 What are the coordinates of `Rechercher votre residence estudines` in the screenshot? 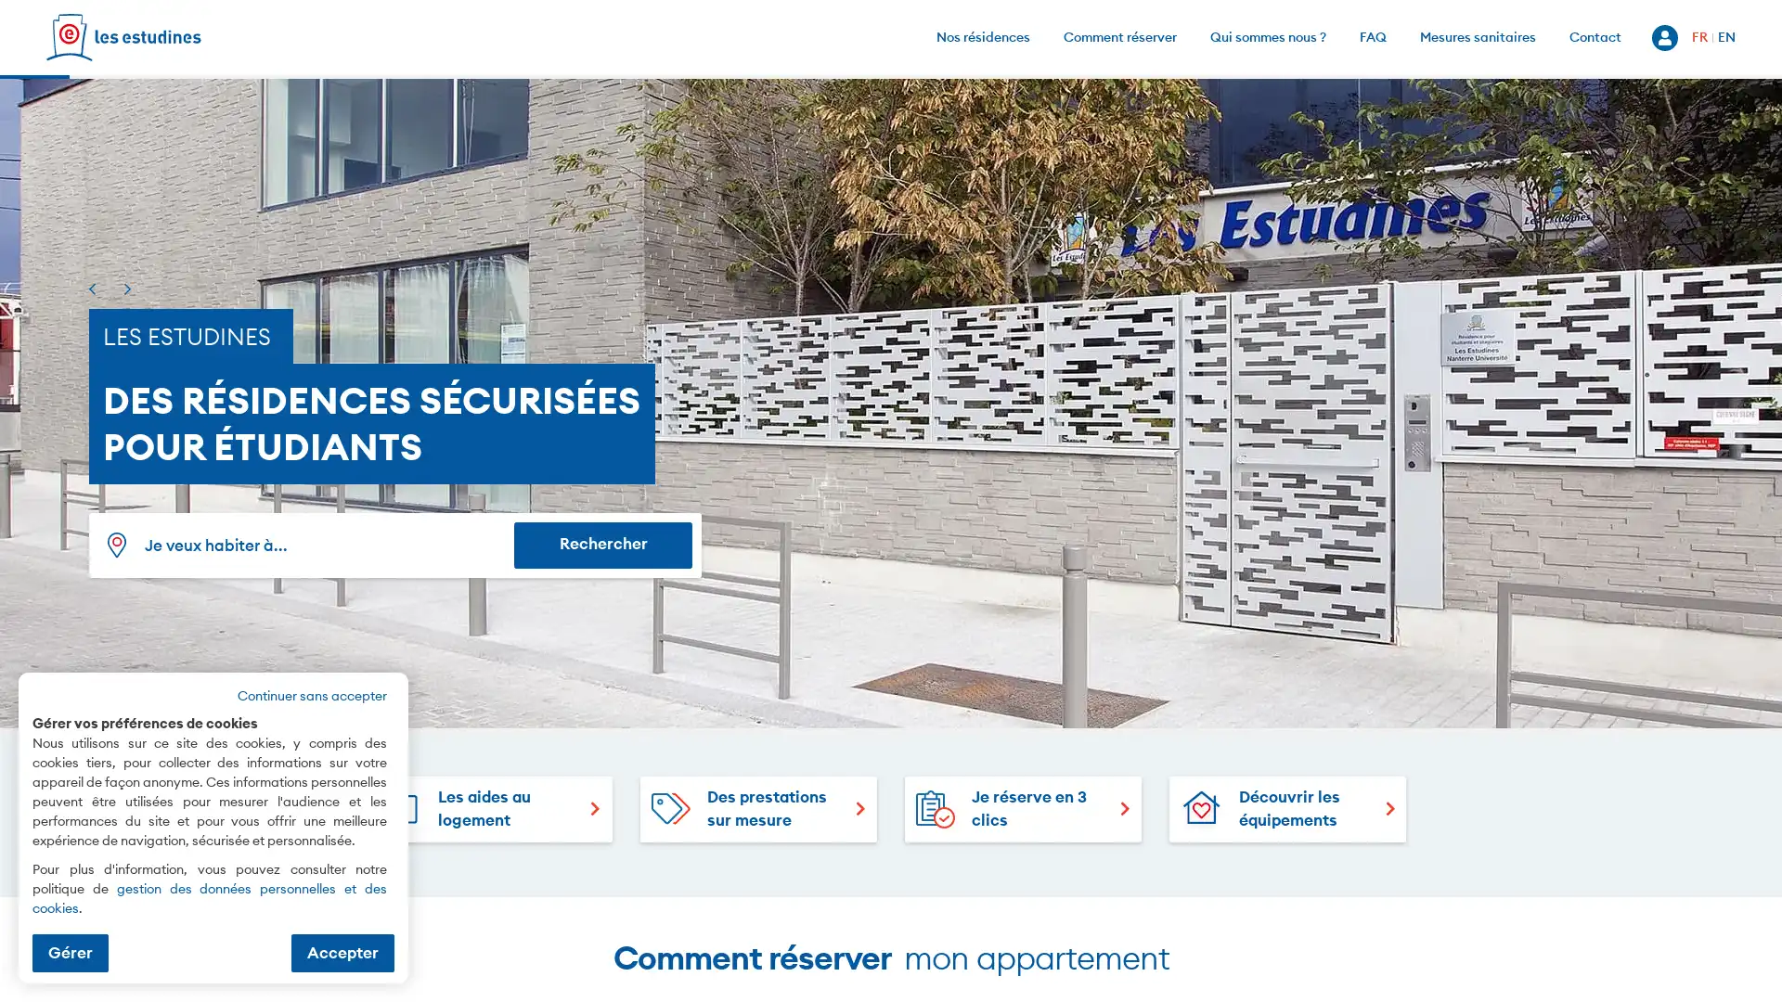 It's located at (602, 543).